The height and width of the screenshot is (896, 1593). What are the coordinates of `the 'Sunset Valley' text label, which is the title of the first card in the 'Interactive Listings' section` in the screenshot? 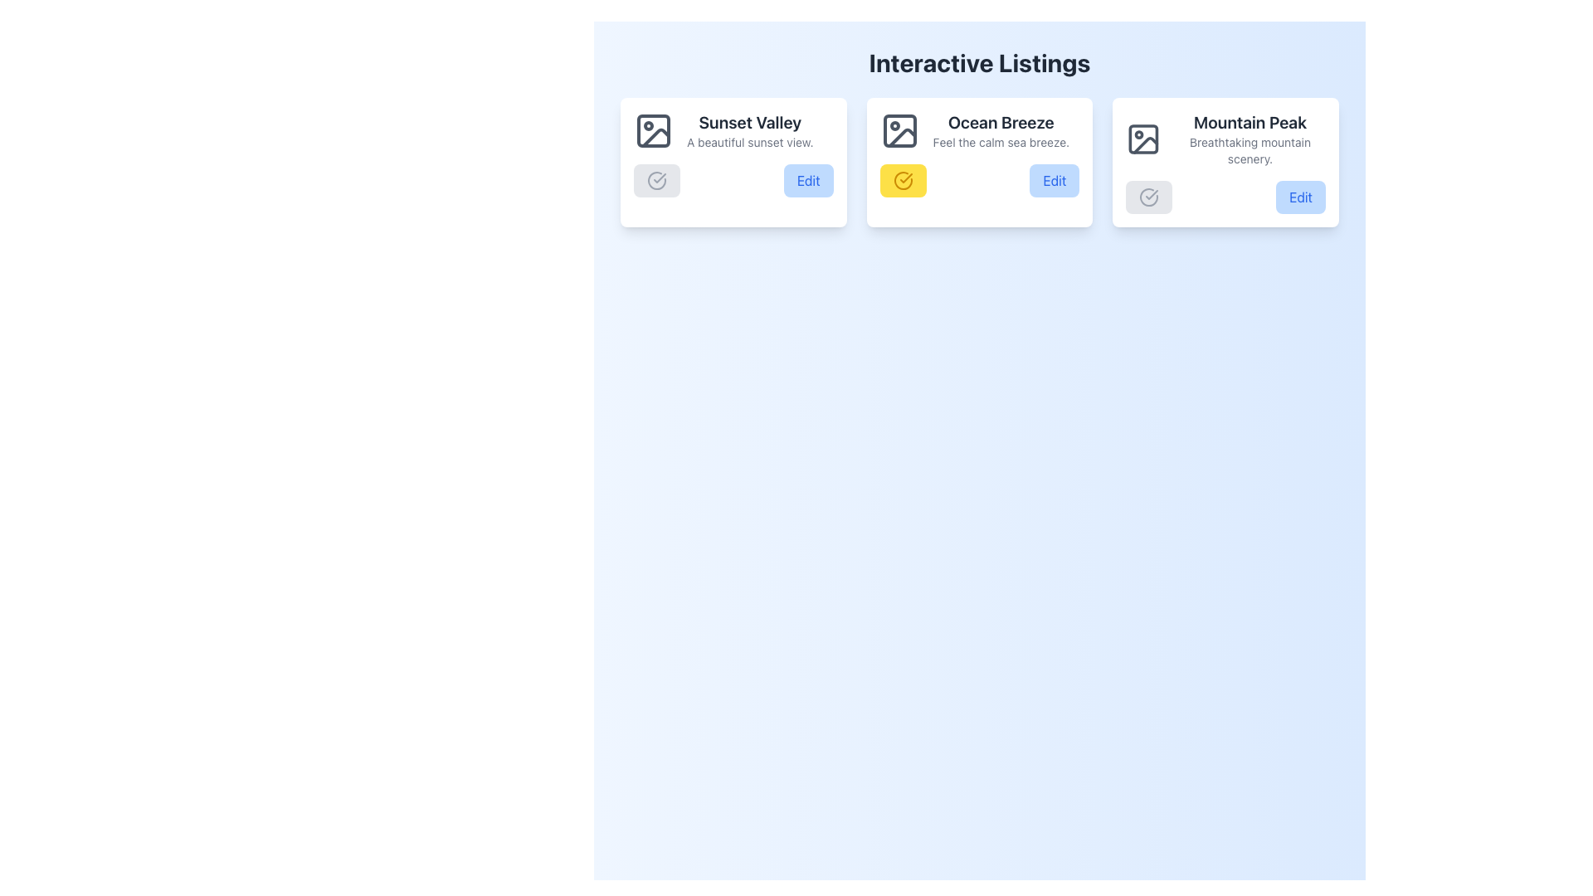 It's located at (749, 121).